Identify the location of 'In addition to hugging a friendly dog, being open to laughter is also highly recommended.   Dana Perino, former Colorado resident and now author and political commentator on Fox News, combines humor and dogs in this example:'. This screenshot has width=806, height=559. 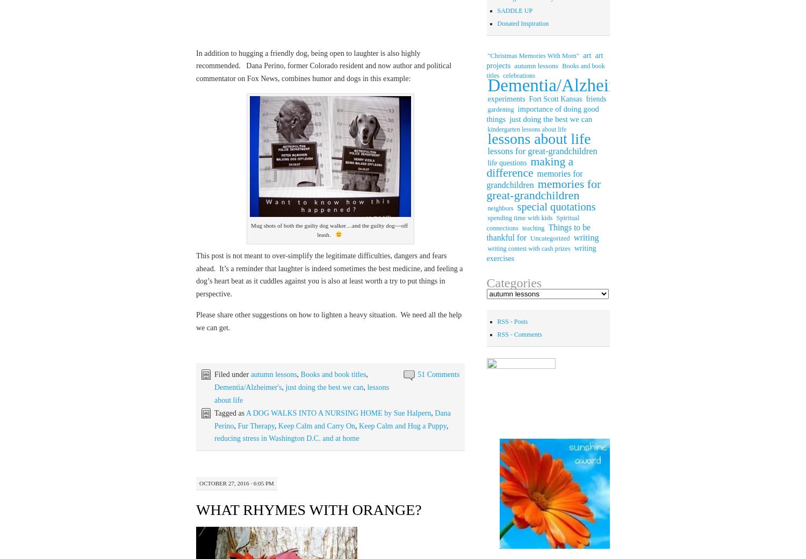
(195, 66).